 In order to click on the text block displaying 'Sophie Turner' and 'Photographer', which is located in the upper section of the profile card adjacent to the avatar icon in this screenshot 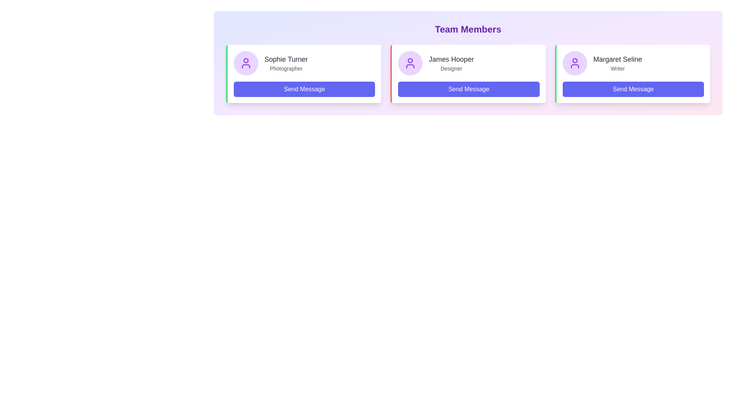, I will do `click(304, 63)`.